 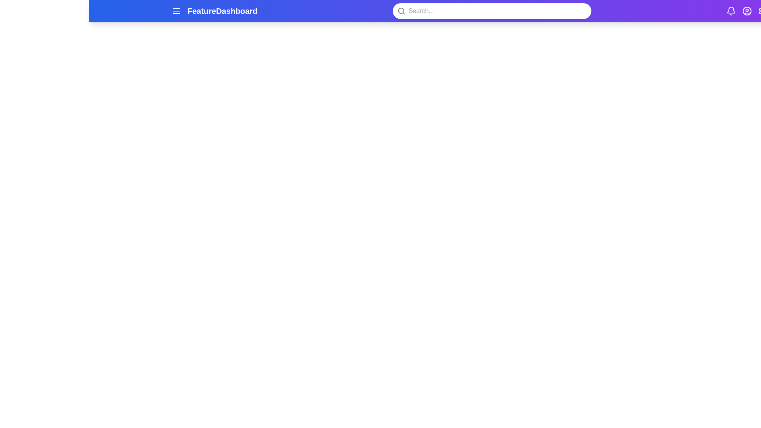 What do you see at coordinates (176, 11) in the screenshot?
I see `the menu icon located towards the left edge of the header, preceding the text 'FeatureDashboard'` at bounding box center [176, 11].